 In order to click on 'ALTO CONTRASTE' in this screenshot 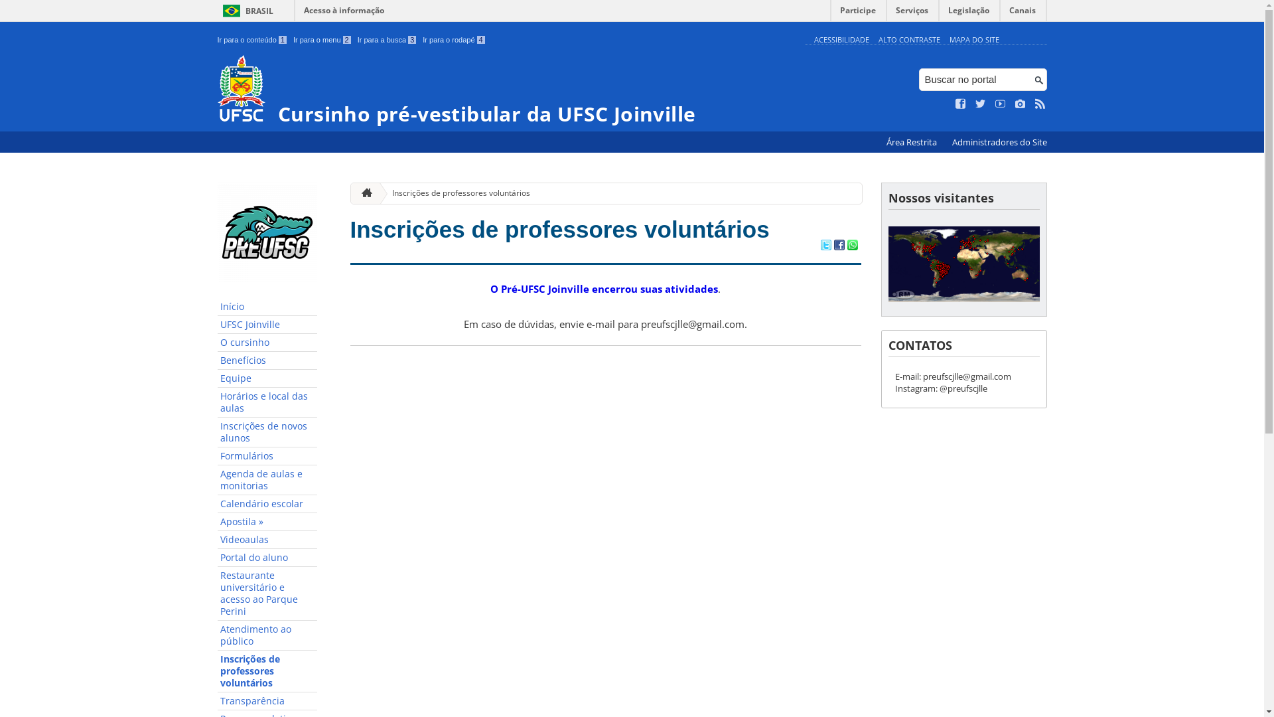, I will do `click(908, 39)`.